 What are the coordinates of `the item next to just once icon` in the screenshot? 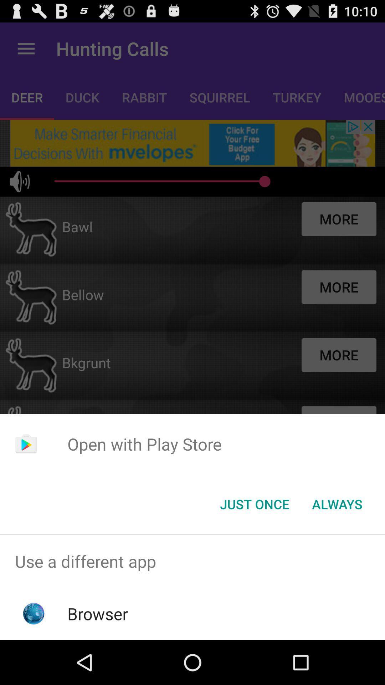 It's located at (337, 503).